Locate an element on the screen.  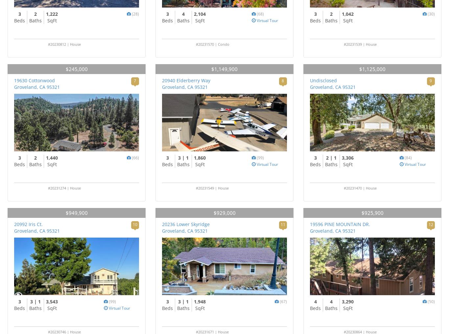
'1,440' is located at coordinates (52, 157).